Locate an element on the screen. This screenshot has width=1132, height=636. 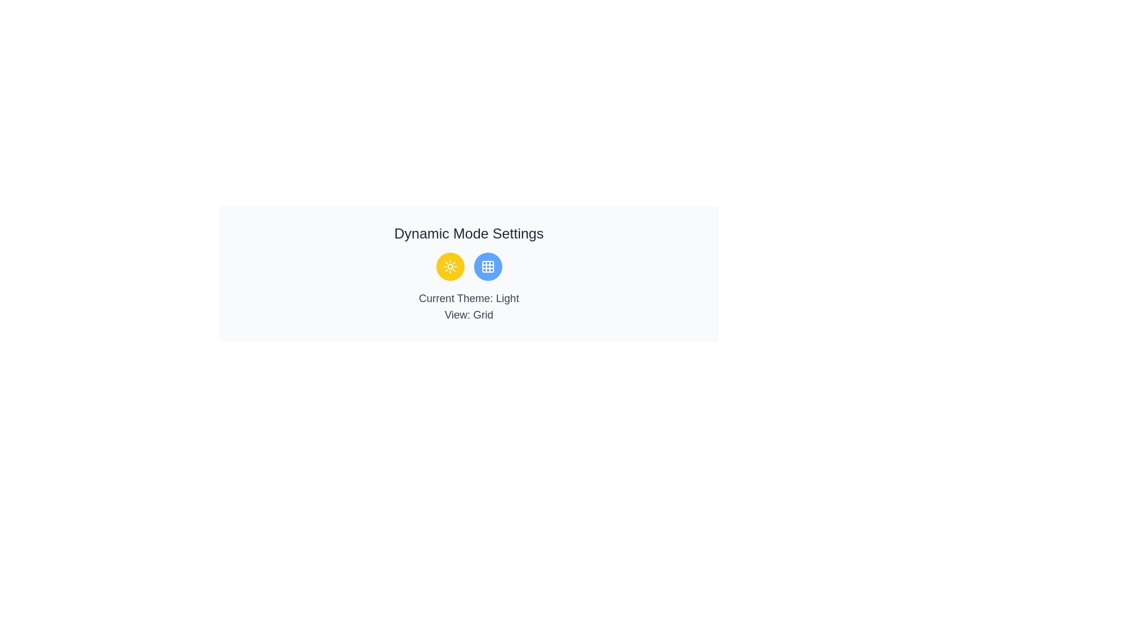
the blue circular grid icon with a white square grid design is located at coordinates (488, 266).